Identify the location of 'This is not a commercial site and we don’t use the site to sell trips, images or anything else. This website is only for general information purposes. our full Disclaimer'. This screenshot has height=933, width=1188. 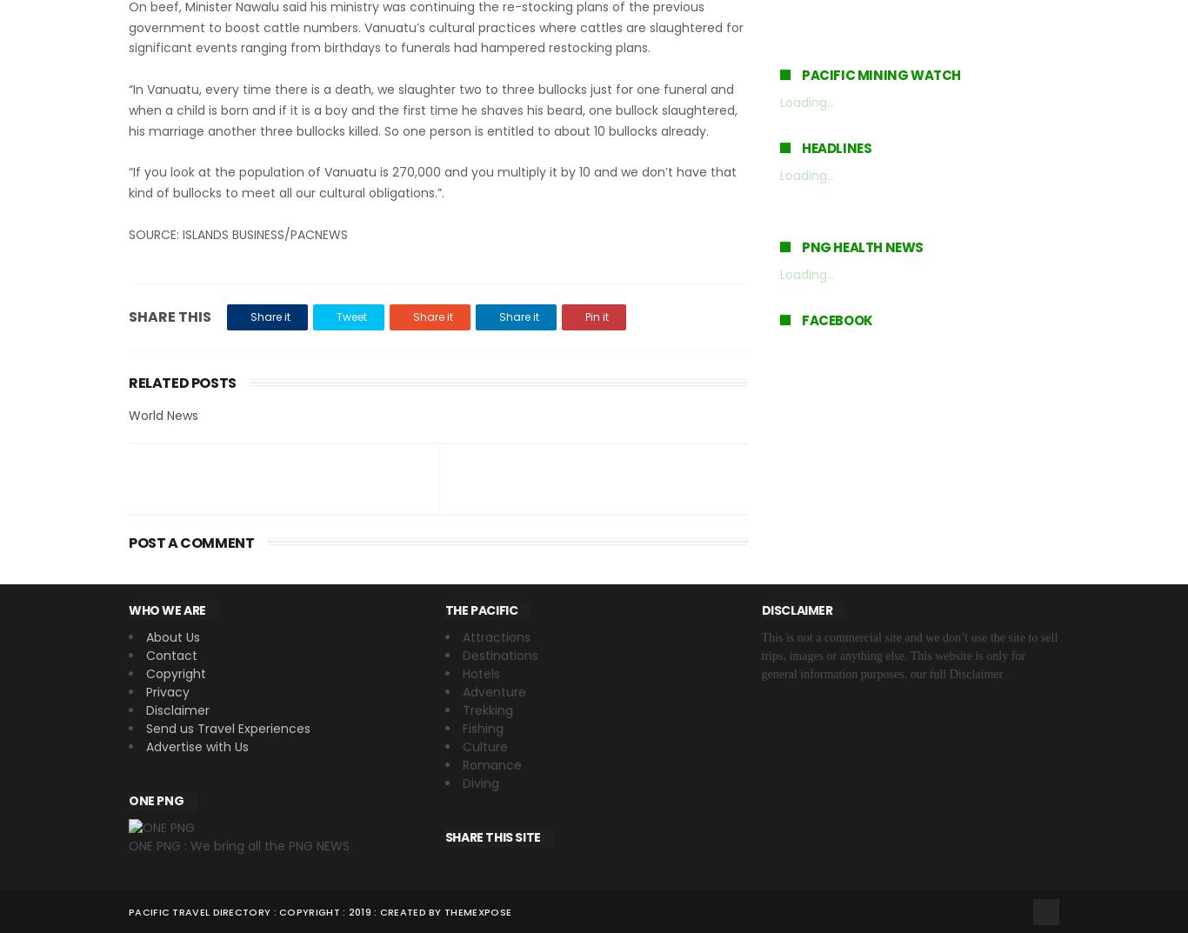
(908, 655).